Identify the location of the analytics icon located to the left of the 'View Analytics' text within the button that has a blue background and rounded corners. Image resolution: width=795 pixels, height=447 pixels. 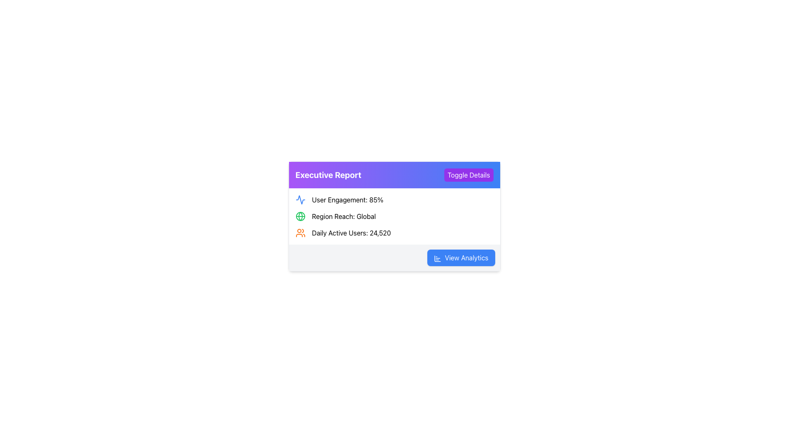
(437, 258).